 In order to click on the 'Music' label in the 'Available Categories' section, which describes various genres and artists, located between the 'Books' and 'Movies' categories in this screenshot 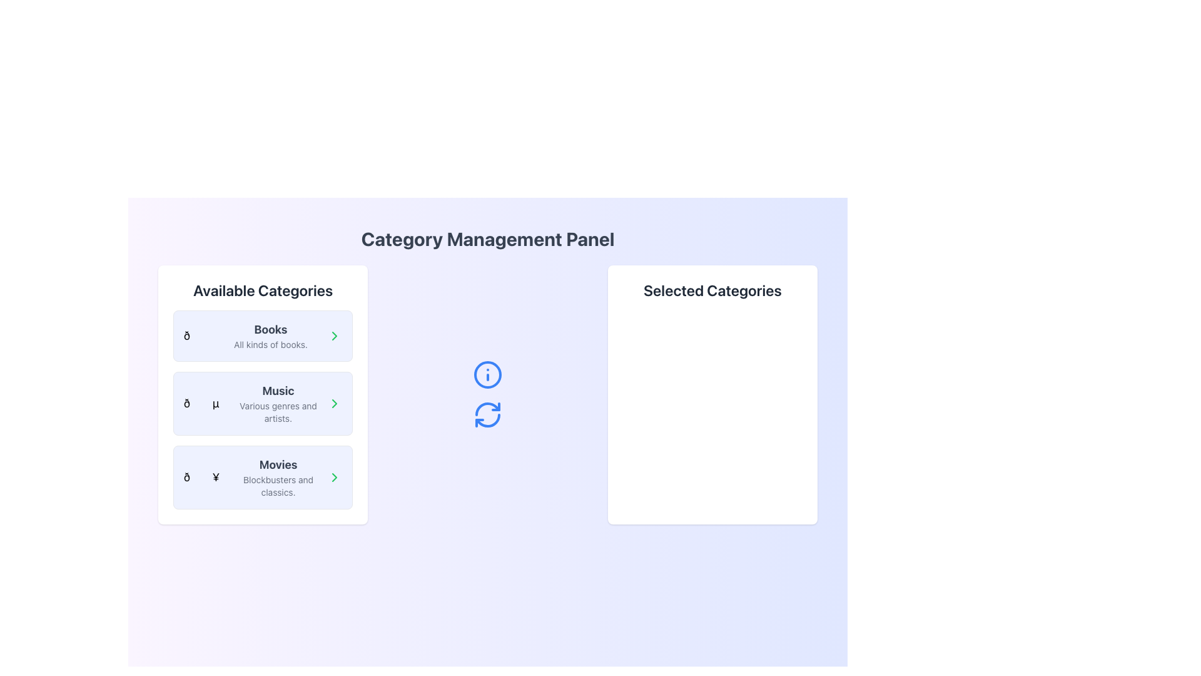, I will do `click(277, 403)`.